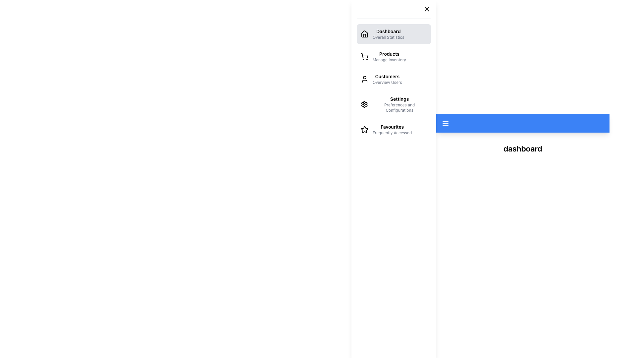 The width and height of the screenshot is (636, 358). What do you see at coordinates (364, 33) in the screenshot?
I see `the 'Dashboard' menu icon located at the top of the navigation sidebar` at bounding box center [364, 33].